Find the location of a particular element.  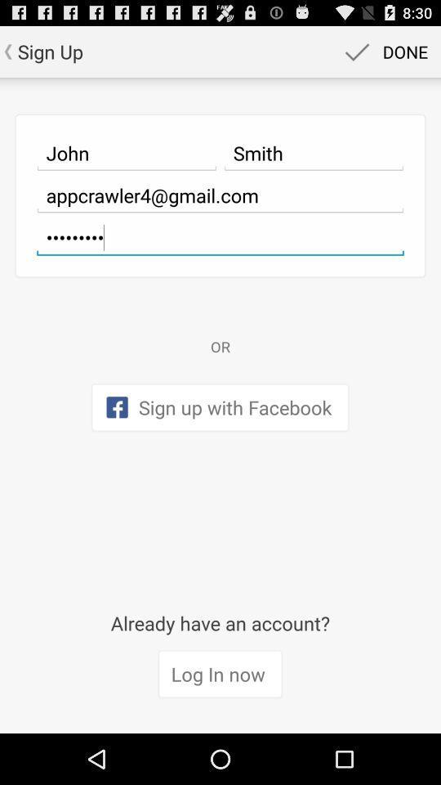

the crowd3116 icon is located at coordinates (220, 236).